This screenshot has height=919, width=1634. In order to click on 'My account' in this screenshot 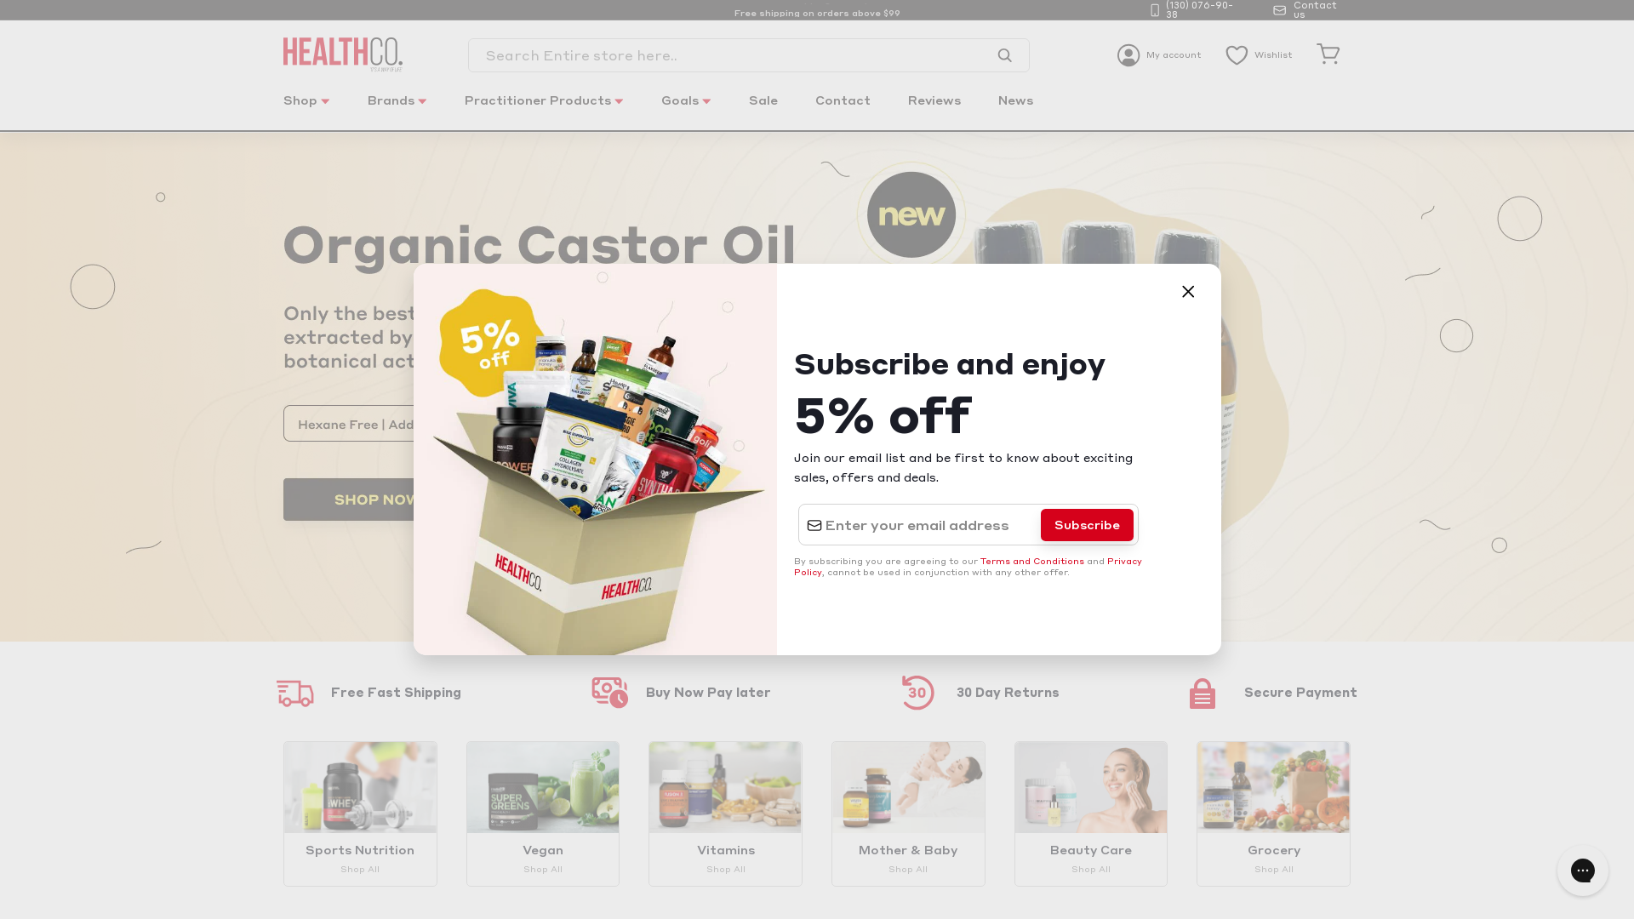, I will do `click(1158, 54)`.